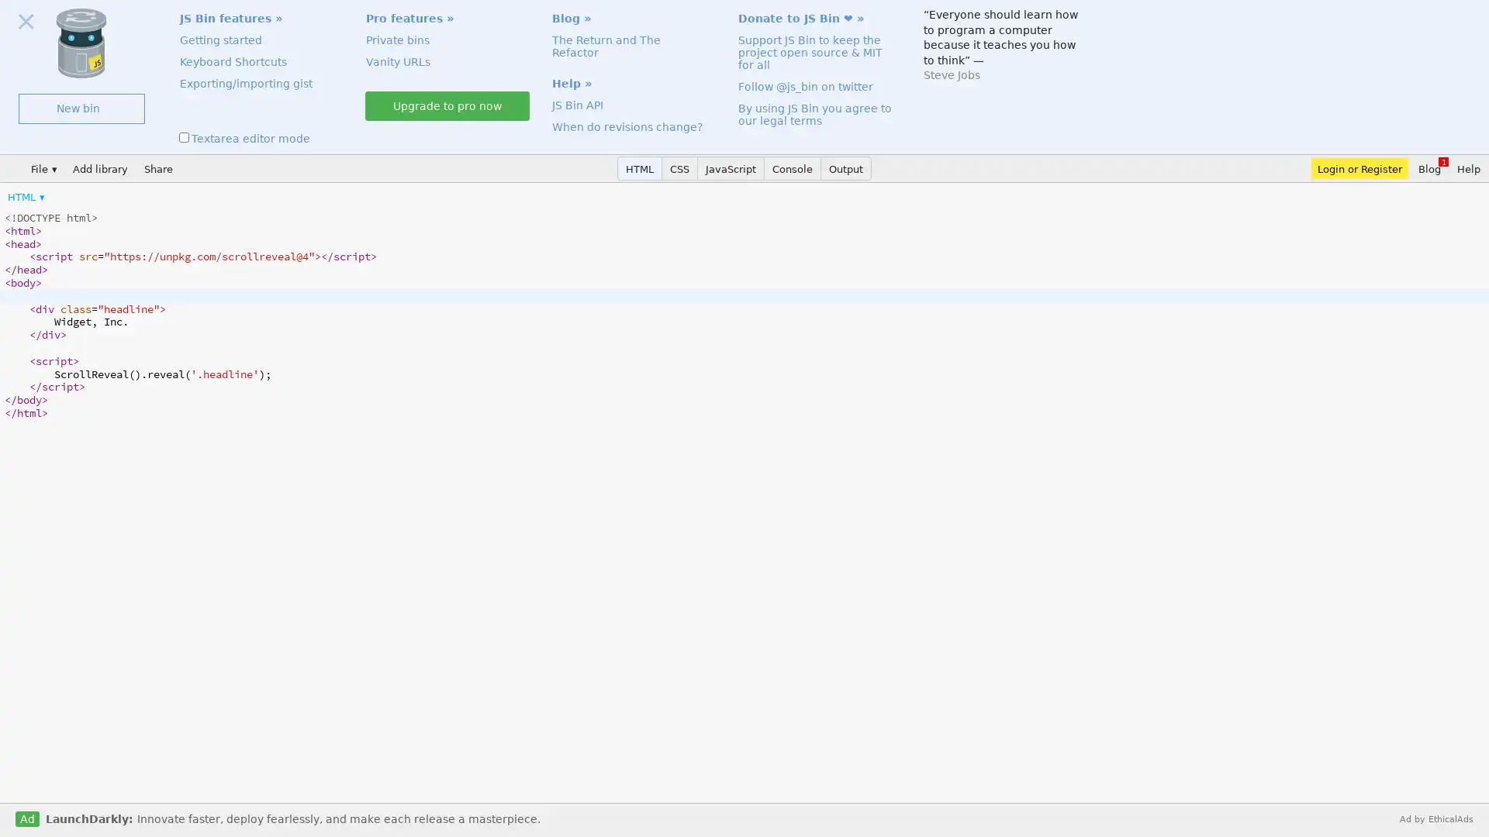  What do you see at coordinates (845, 168) in the screenshot?
I see `Output Panel: Inactive` at bounding box center [845, 168].